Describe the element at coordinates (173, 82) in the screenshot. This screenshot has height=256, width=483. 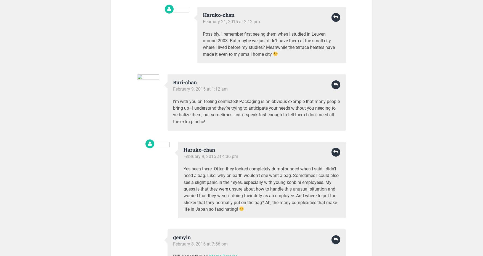
I see `'Buri-chan'` at that location.